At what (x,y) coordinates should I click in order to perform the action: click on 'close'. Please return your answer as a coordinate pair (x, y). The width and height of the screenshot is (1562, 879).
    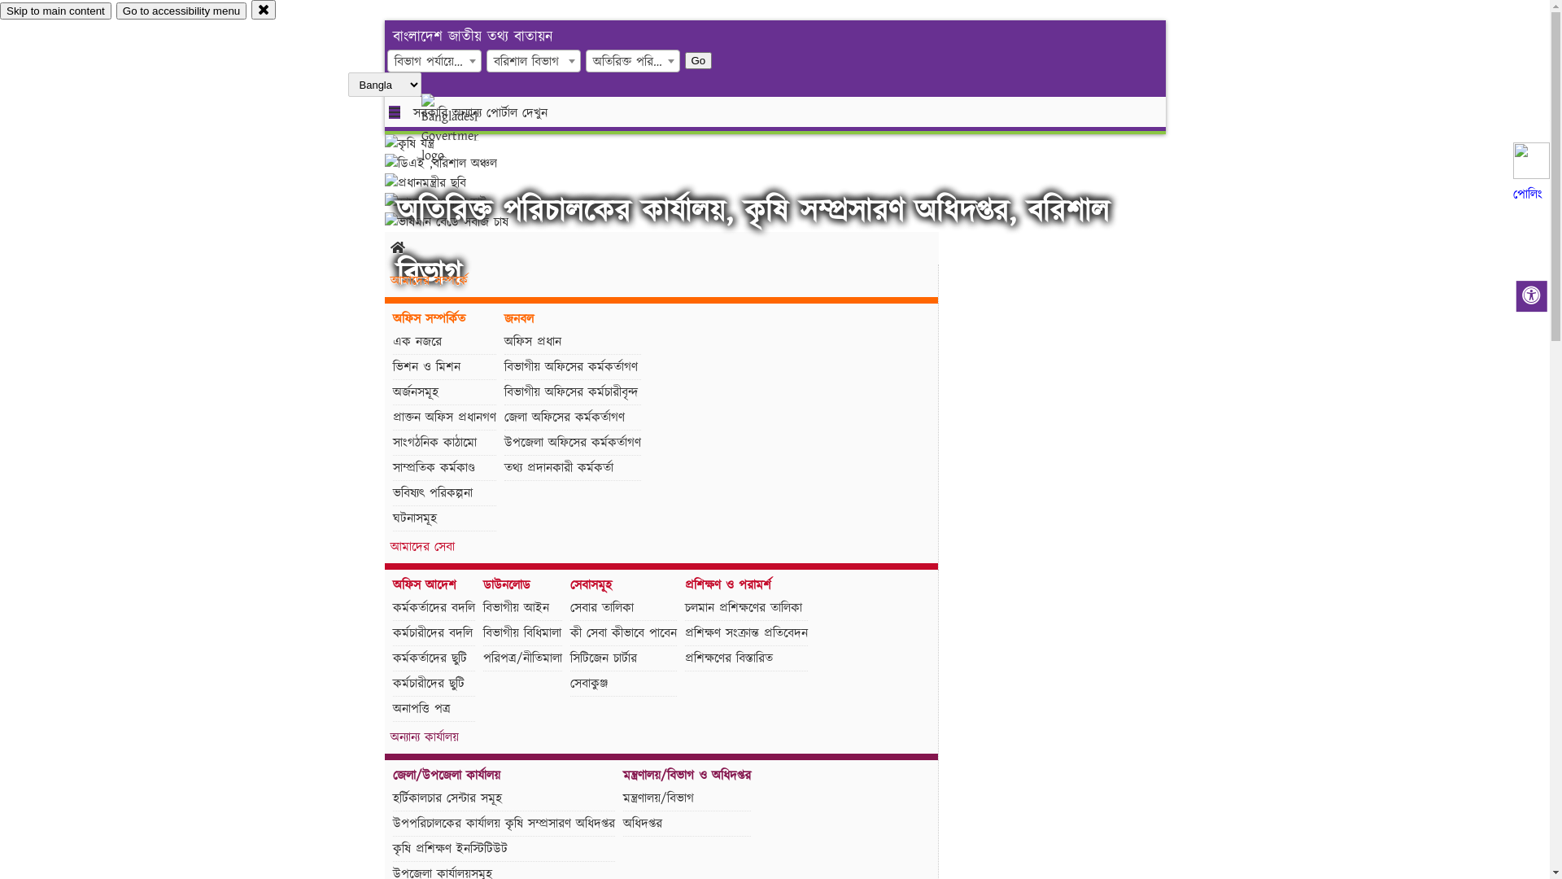
    Looking at the image, I should click on (250, 9).